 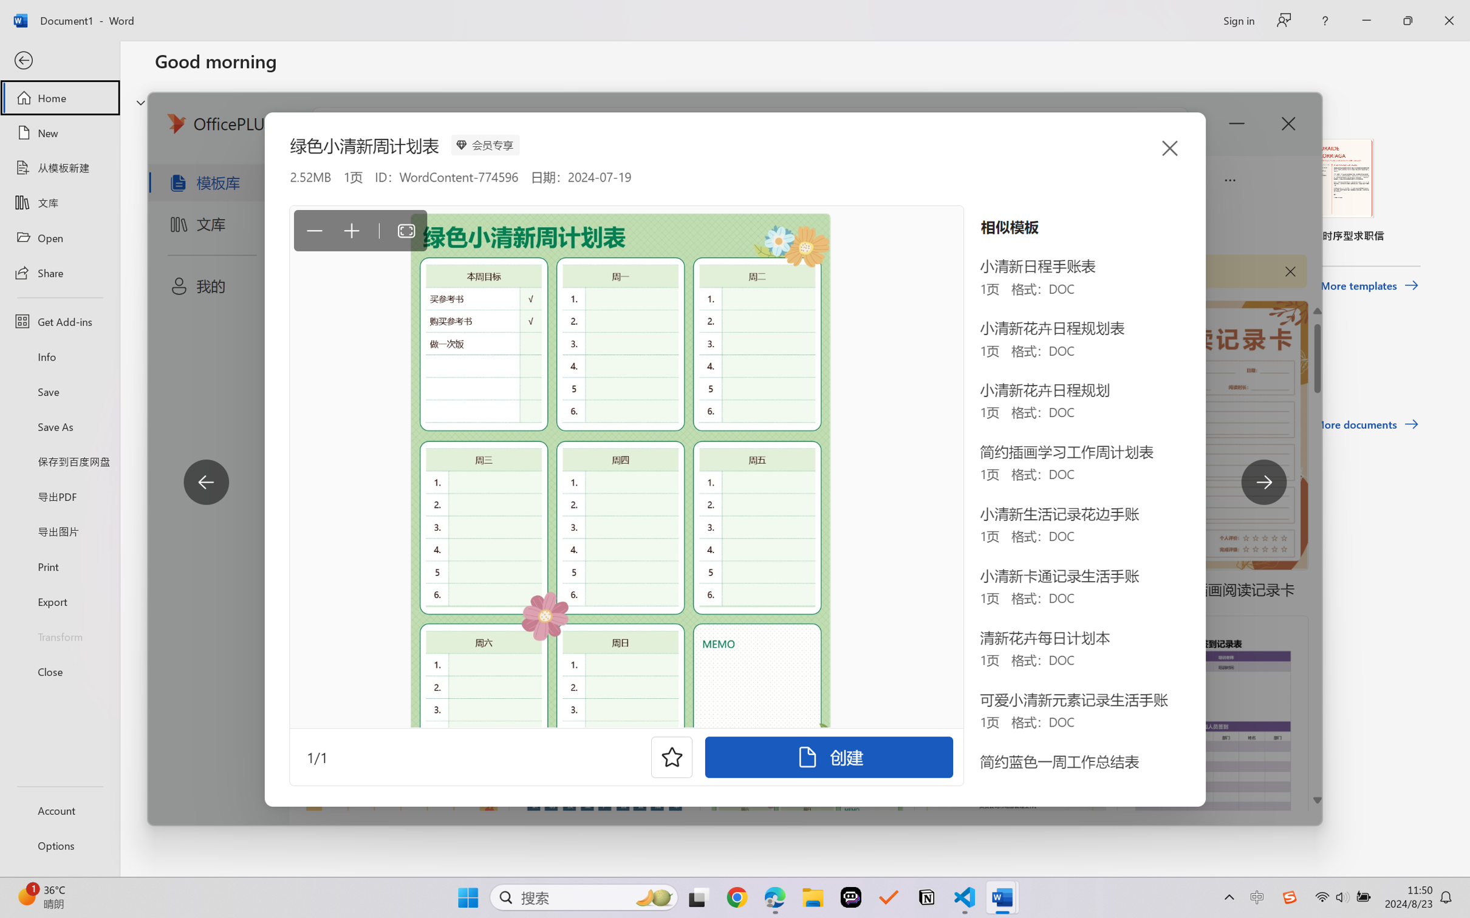 I want to click on 'Print', so click(x=59, y=566).